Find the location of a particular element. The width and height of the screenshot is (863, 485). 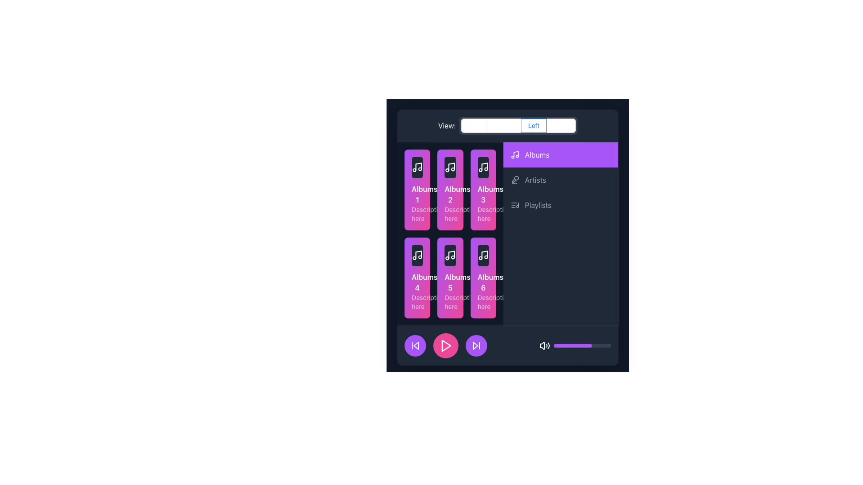

the volume level is located at coordinates (583, 345).